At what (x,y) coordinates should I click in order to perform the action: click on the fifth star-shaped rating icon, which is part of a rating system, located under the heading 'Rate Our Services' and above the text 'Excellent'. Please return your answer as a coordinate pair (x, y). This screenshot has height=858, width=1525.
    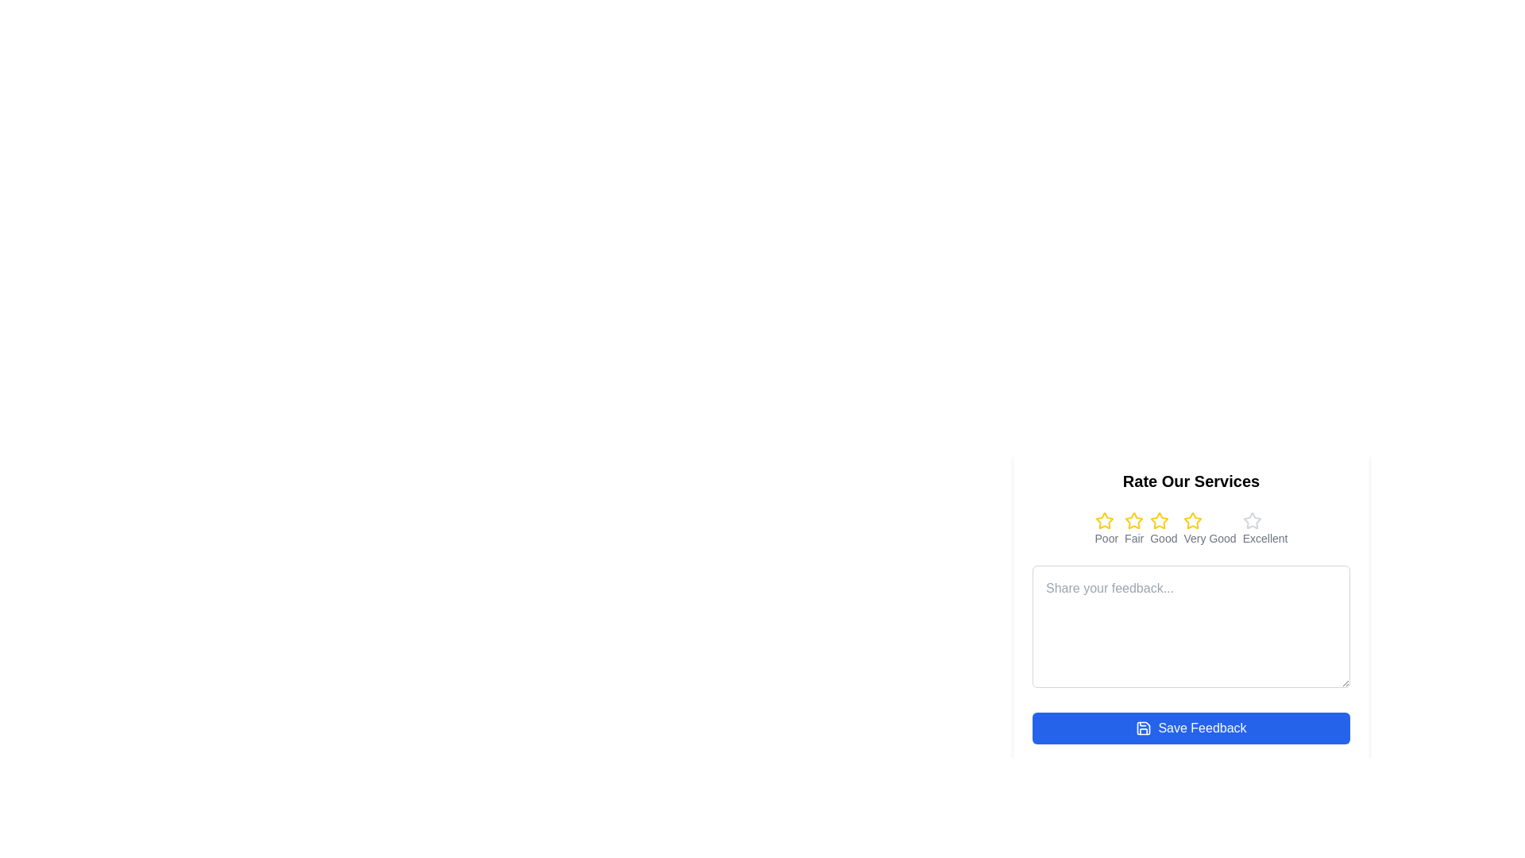
    Looking at the image, I should click on (1251, 520).